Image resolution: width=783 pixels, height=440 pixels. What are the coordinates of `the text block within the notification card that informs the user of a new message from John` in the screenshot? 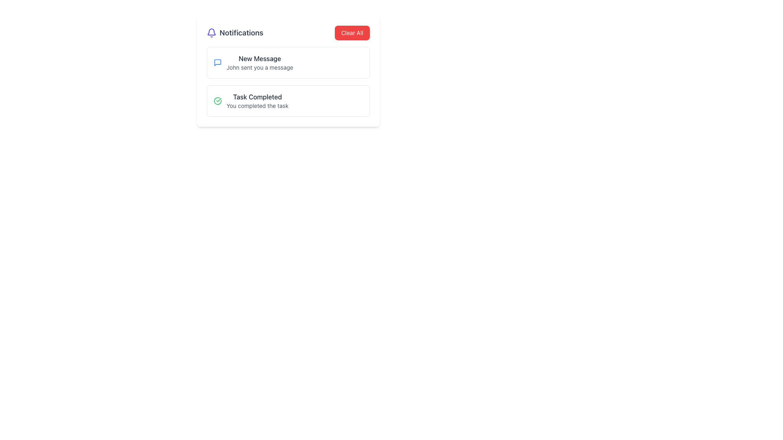 It's located at (259, 62).